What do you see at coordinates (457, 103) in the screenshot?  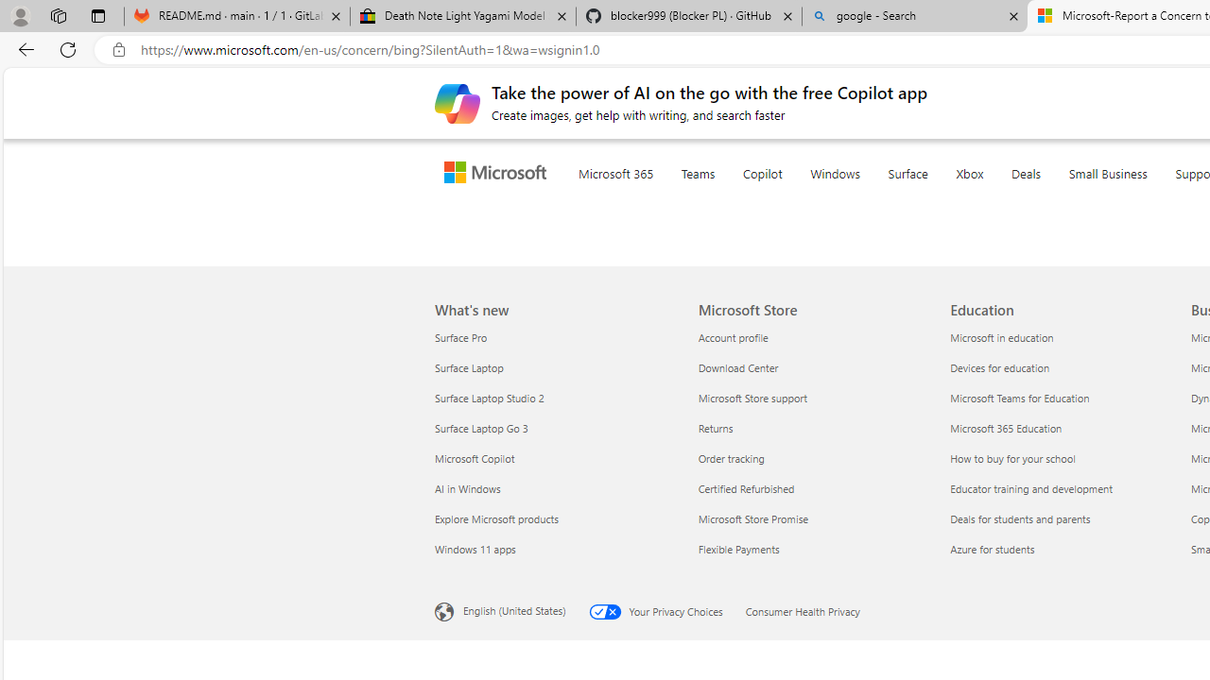 I see `'Create images, get help with writing, and search faster'` at bounding box center [457, 103].